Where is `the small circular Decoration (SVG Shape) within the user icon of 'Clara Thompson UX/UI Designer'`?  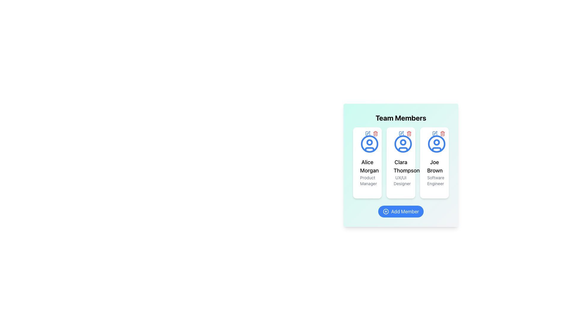
the small circular Decoration (SVG Shape) within the user icon of 'Clara Thompson UX/UI Designer' is located at coordinates (403, 142).